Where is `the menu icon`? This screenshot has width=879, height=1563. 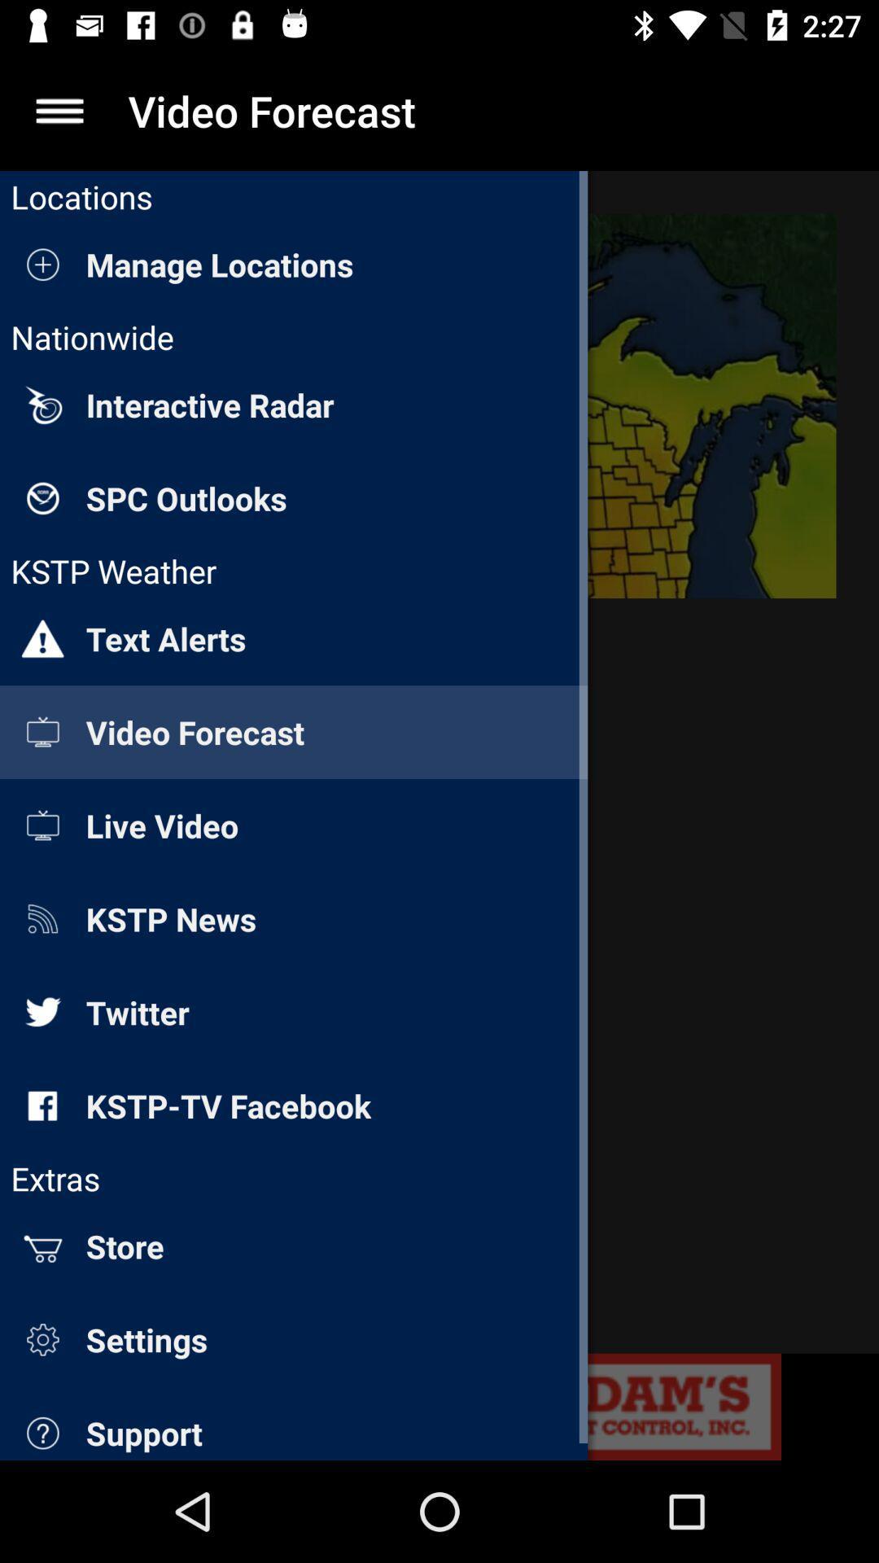 the menu icon is located at coordinates (59, 110).